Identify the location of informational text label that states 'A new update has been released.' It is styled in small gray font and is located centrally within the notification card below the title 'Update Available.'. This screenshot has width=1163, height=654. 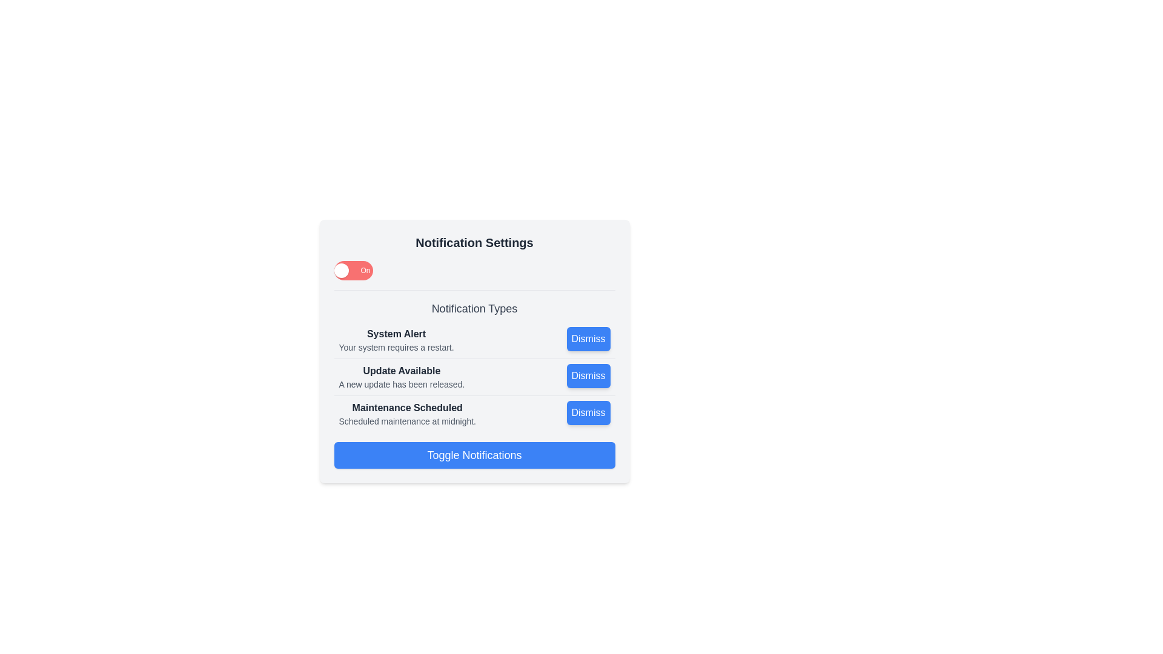
(402, 385).